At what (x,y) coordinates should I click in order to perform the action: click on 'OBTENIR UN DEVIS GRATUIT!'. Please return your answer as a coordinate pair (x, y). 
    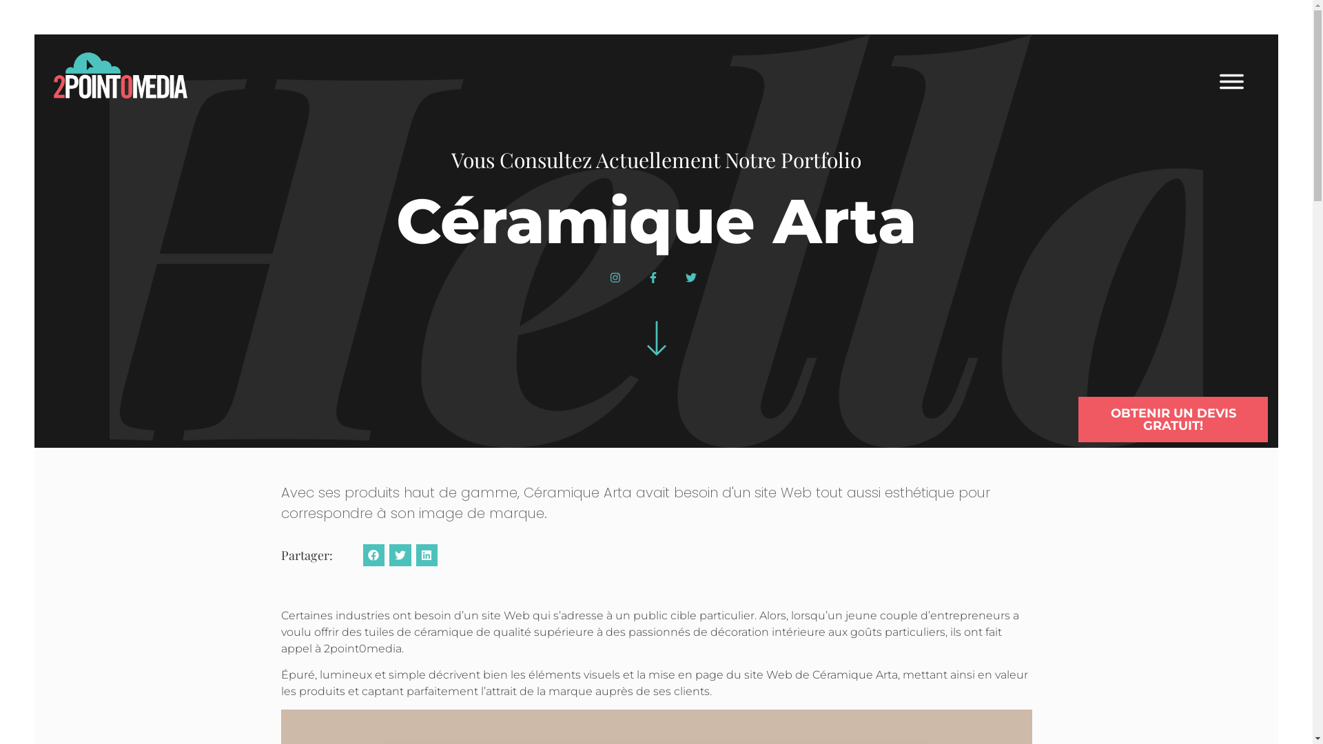
    Looking at the image, I should click on (1172, 419).